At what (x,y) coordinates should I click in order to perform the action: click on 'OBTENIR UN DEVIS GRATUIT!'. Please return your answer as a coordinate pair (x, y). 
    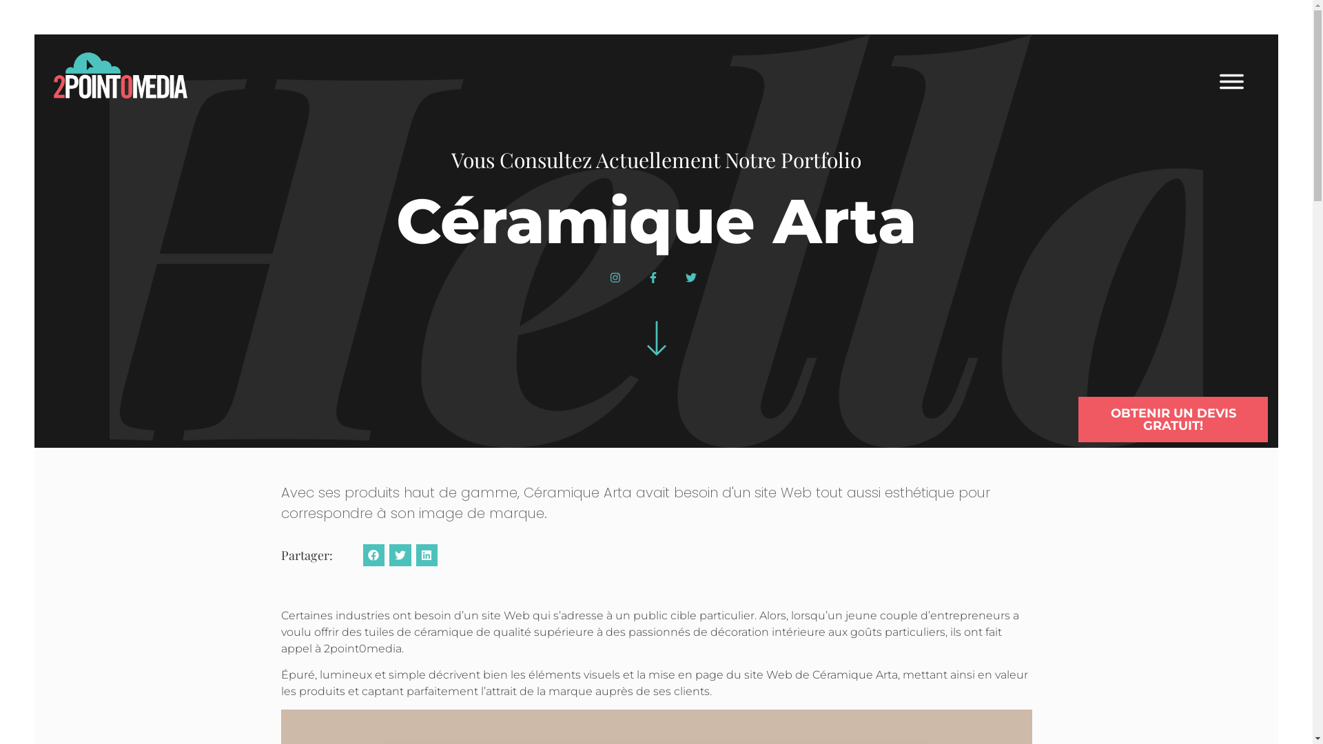
    Looking at the image, I should click on (1172, 419).